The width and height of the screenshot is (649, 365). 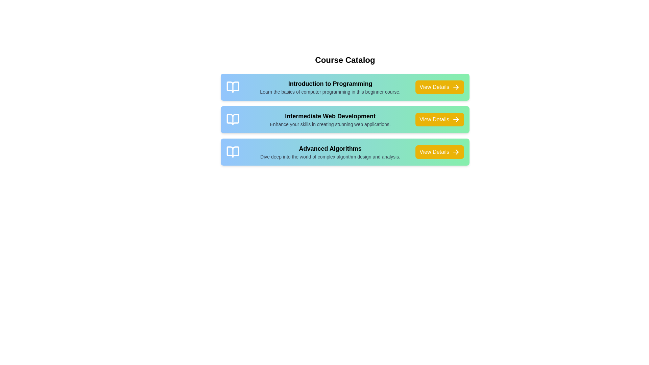 I want to click on the 'View Details' button for the course titled 'Introduction to Programming', so click(x=440, y=87).